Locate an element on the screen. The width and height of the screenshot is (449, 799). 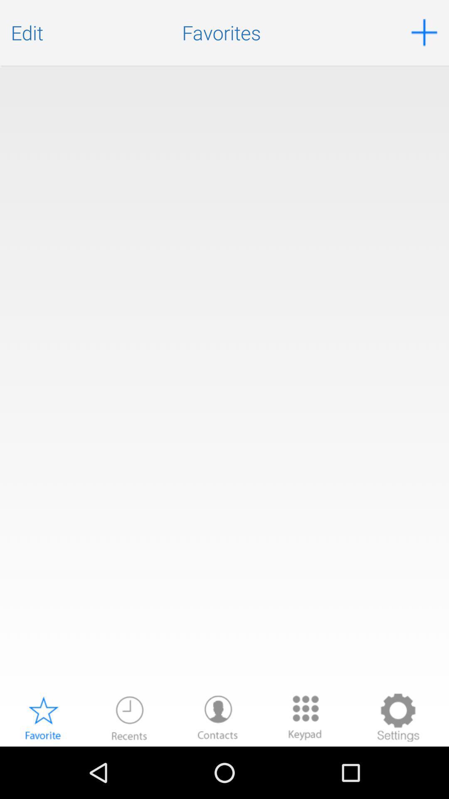
the edit is located at coordinates (27, 32).